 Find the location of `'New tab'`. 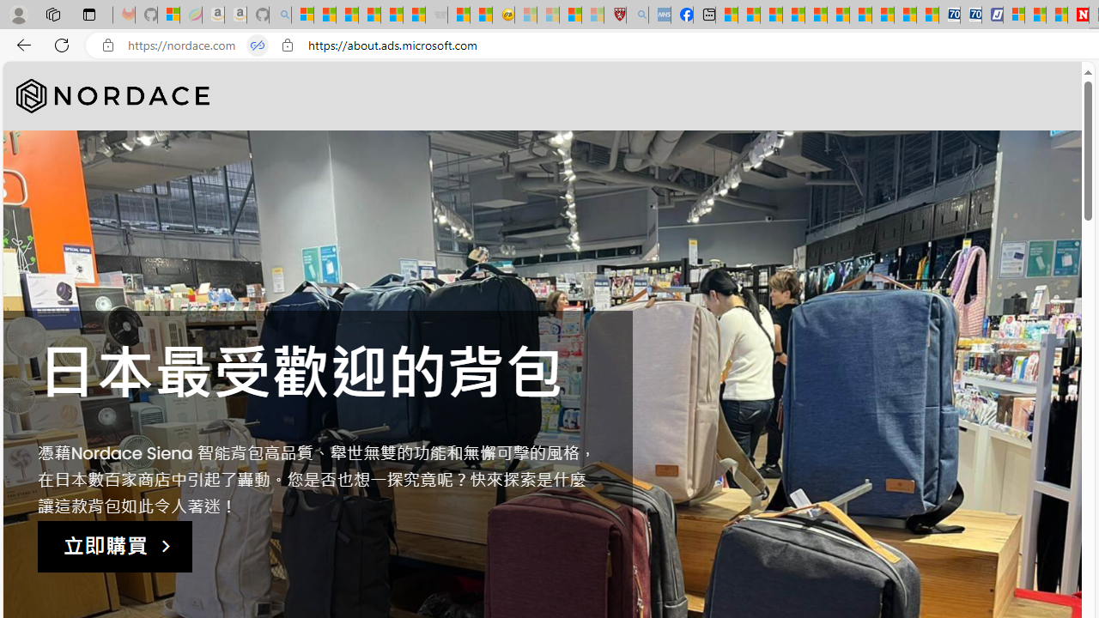

'New tab' is located at coordinates (704, 15).